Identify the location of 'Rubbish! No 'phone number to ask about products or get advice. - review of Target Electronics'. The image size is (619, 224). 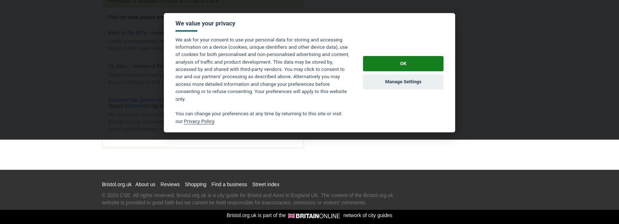
(198, 103).